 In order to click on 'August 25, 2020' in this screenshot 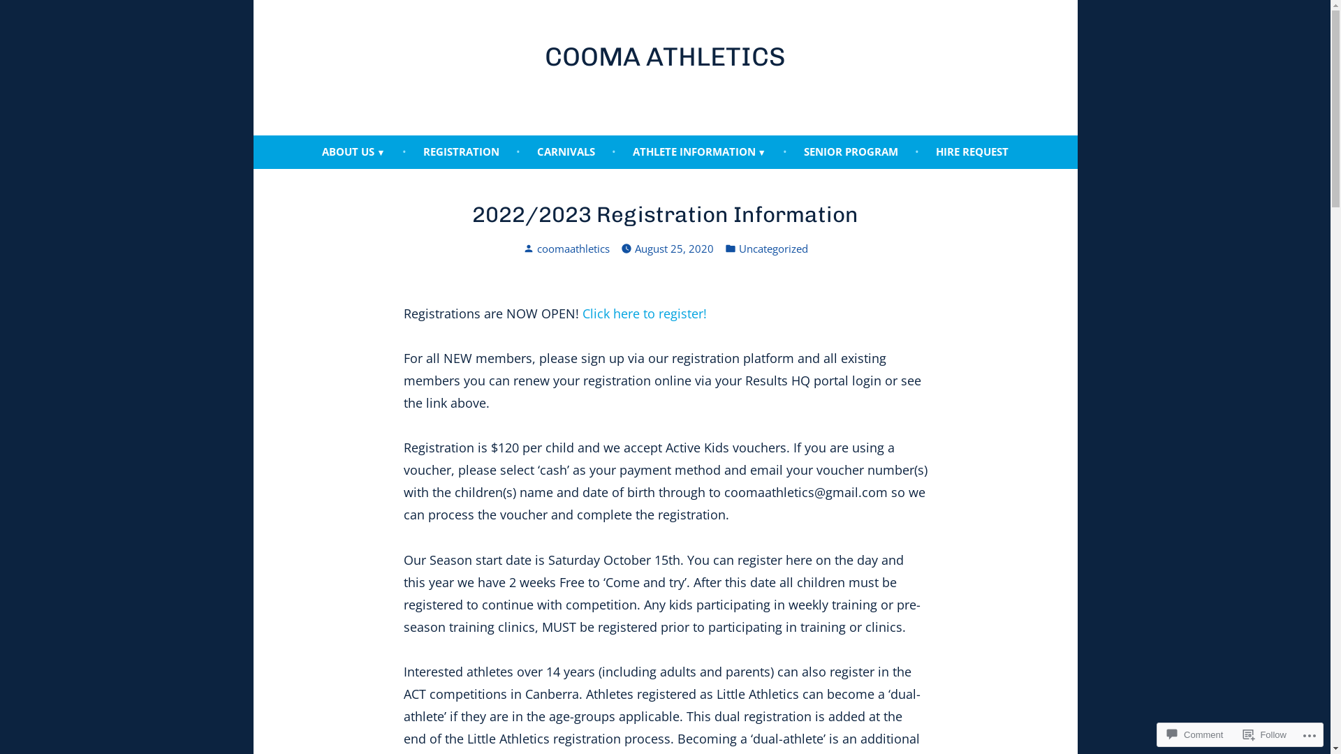, I will do `click(633, 248)`.